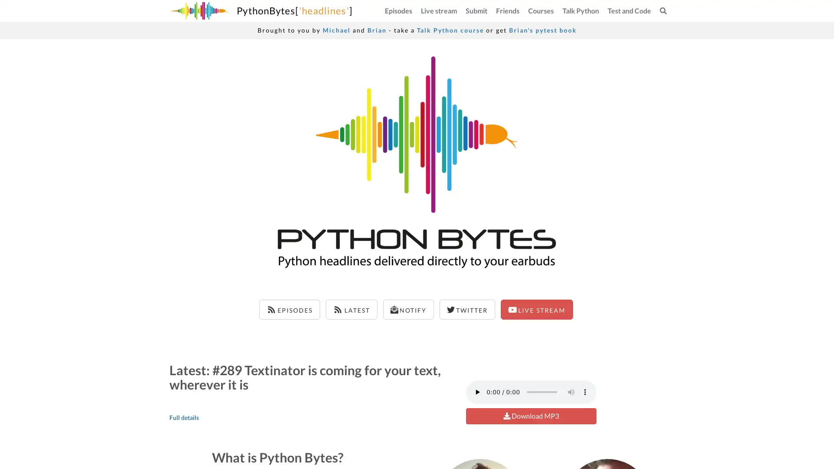  Describe the element at coordinates (584, 392) in the screenshot. I see `show more media controls` at that location.